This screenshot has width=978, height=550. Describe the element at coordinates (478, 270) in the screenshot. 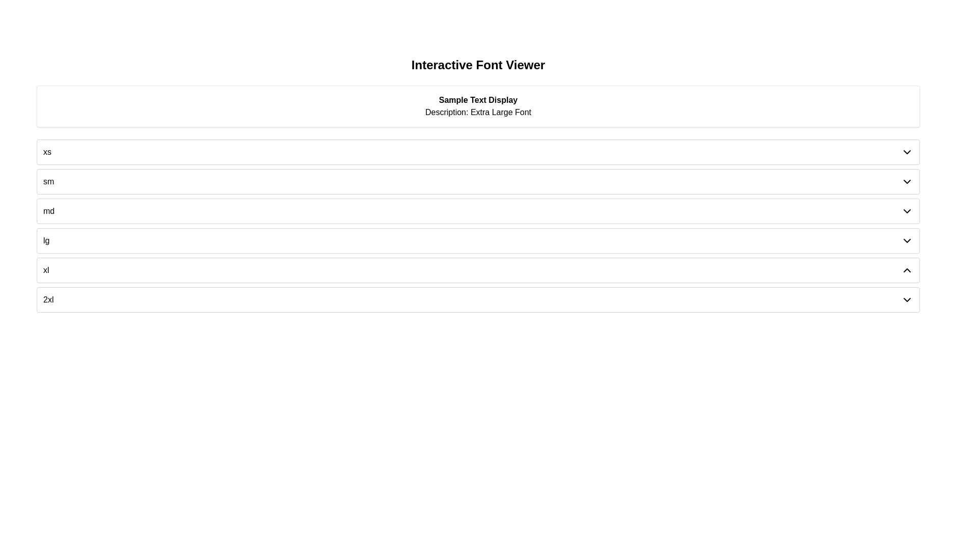

I see `the fifth button in a vertical list that expands or collapses the 'xl' section, positioned between the 'lg' and '2xl' buttons` at that location.